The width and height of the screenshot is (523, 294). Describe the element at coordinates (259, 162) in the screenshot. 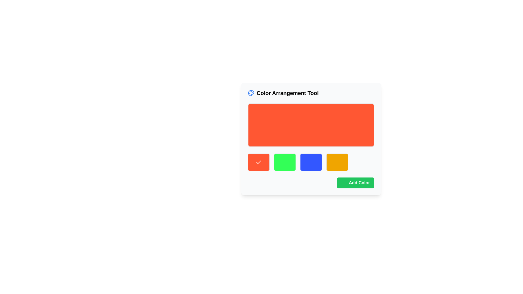

I see `the bright red square button with a rounded border that has a white checkmark icon, located at the top-left corner of the row of five buttons` at that location.